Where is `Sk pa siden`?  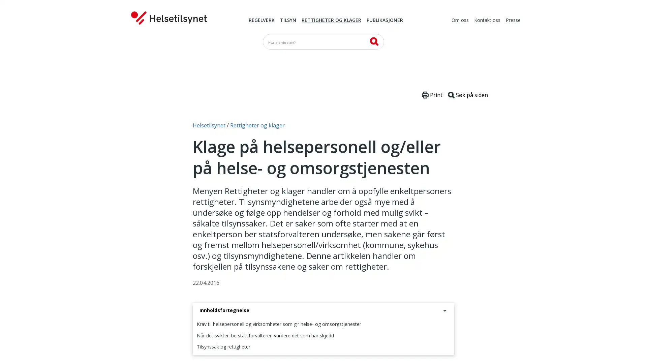 Sk pa siden is located at coordinates (467, 95).